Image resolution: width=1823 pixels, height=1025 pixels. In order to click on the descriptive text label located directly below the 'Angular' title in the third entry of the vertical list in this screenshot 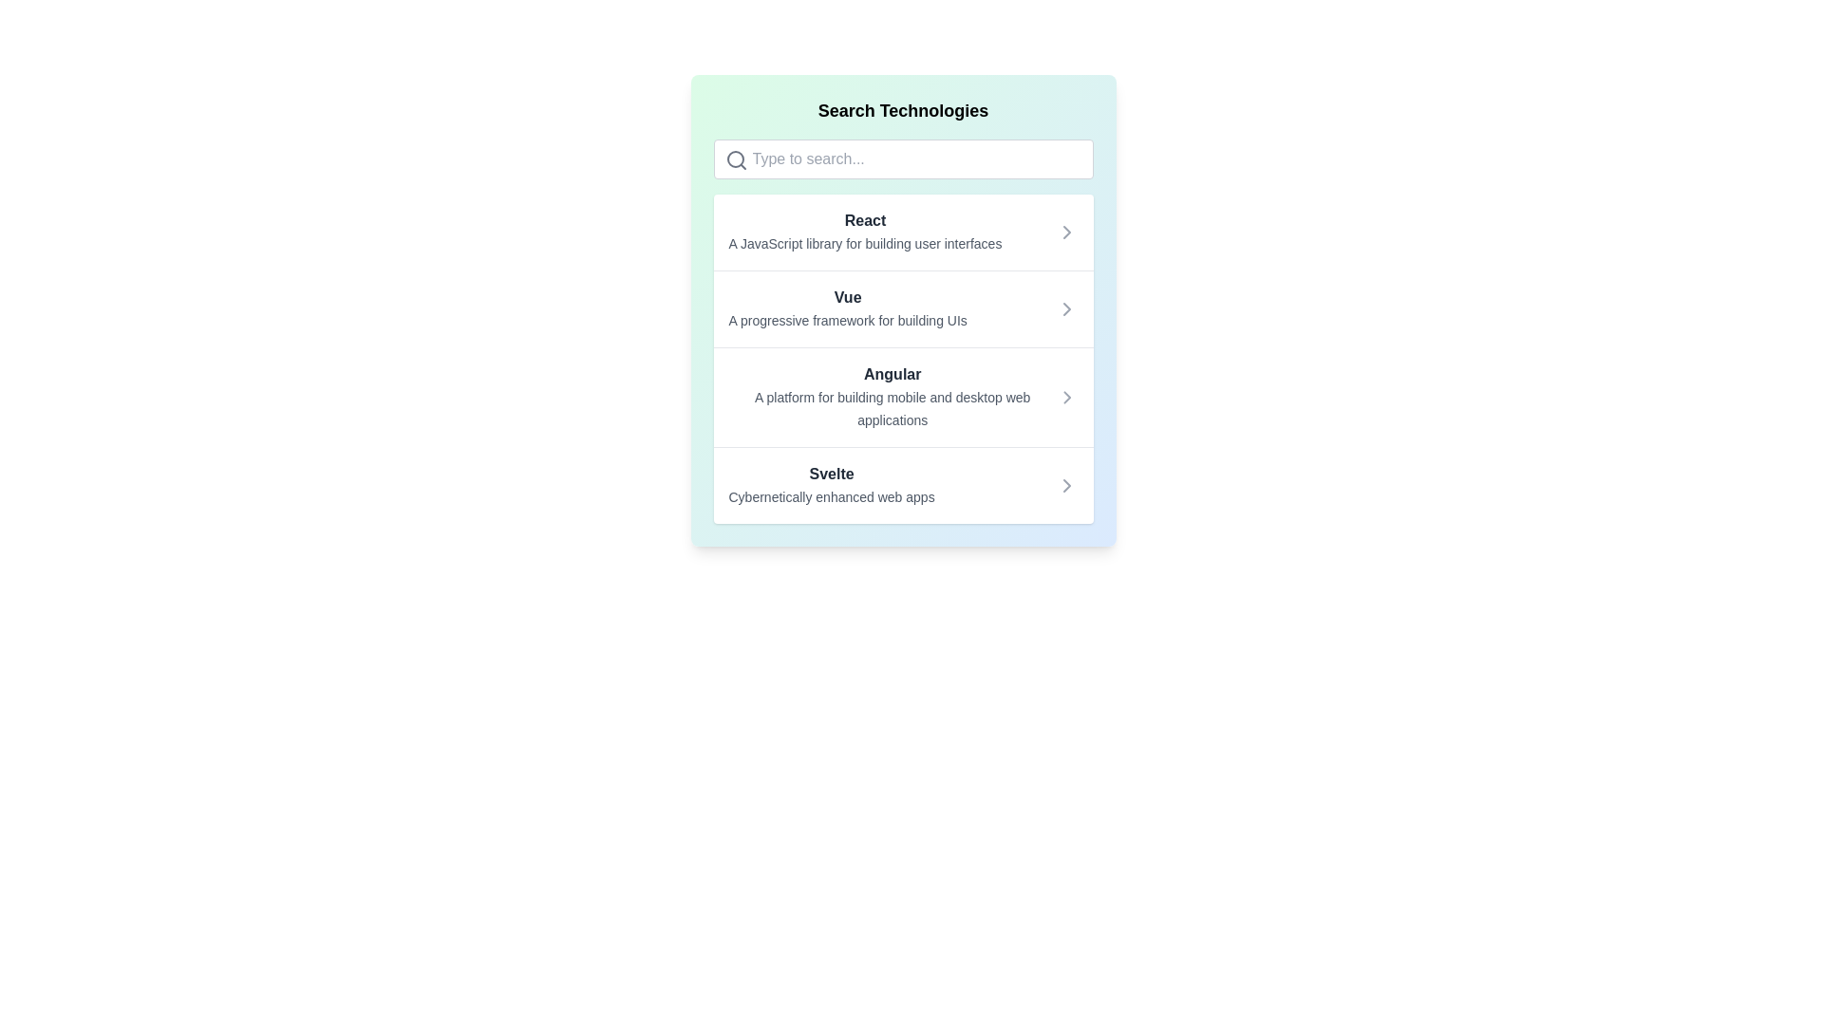, I will do `click(892, 408)`.